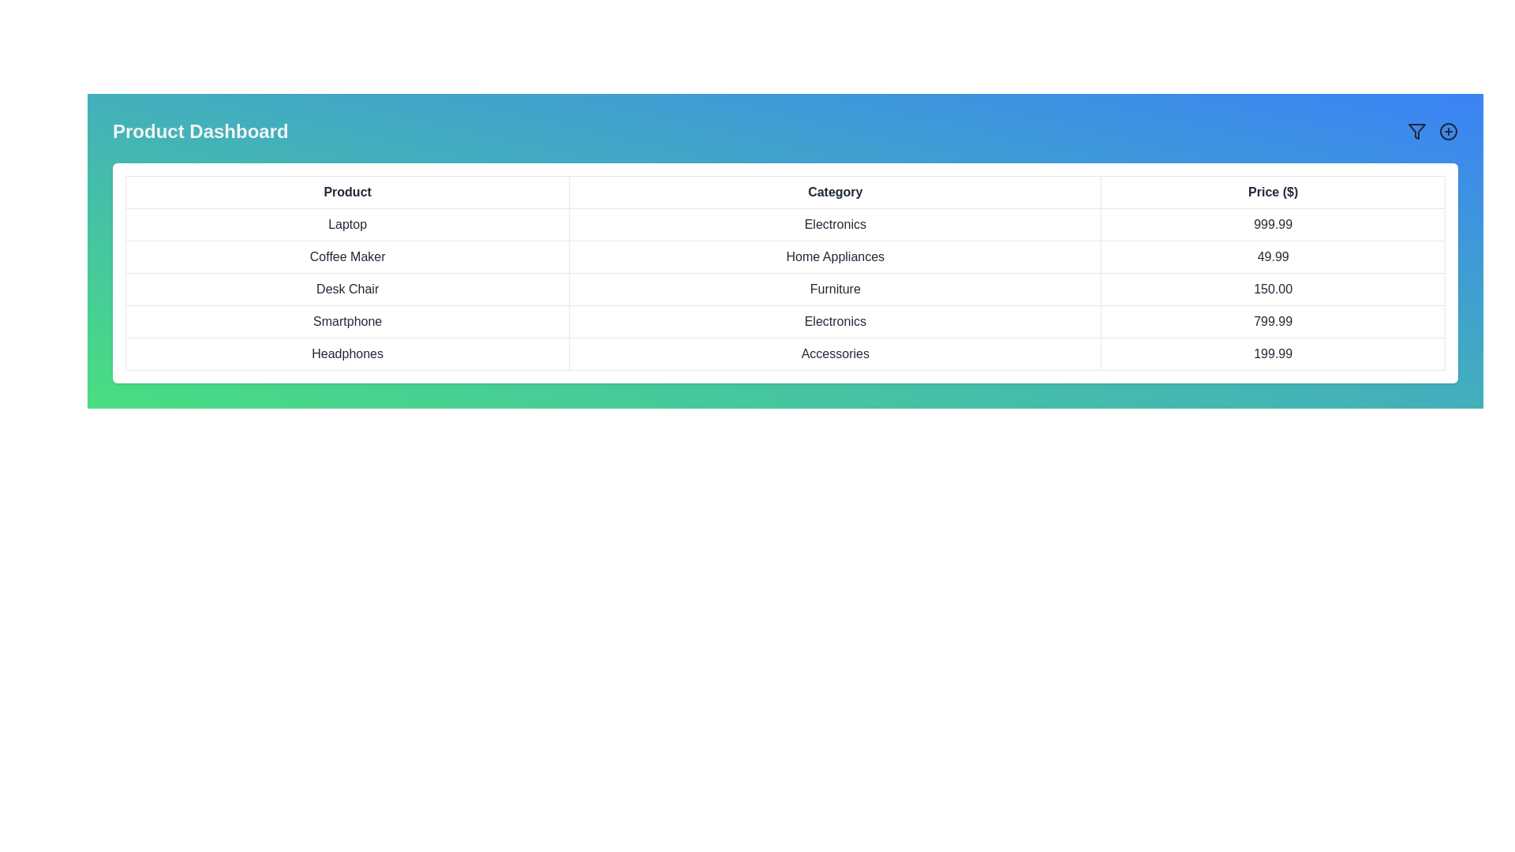 Image resolution: width=1515 pixels, height=852 pixels. What do you see at coordinates (1273, 289) in the screenshot?
I see `the Data cell displaying the text '150.00' in the 'Price ($)' column of the table, which is in the same row as 'Desk Chair' and 'Furniture'` at bounding box center [1273, 289].